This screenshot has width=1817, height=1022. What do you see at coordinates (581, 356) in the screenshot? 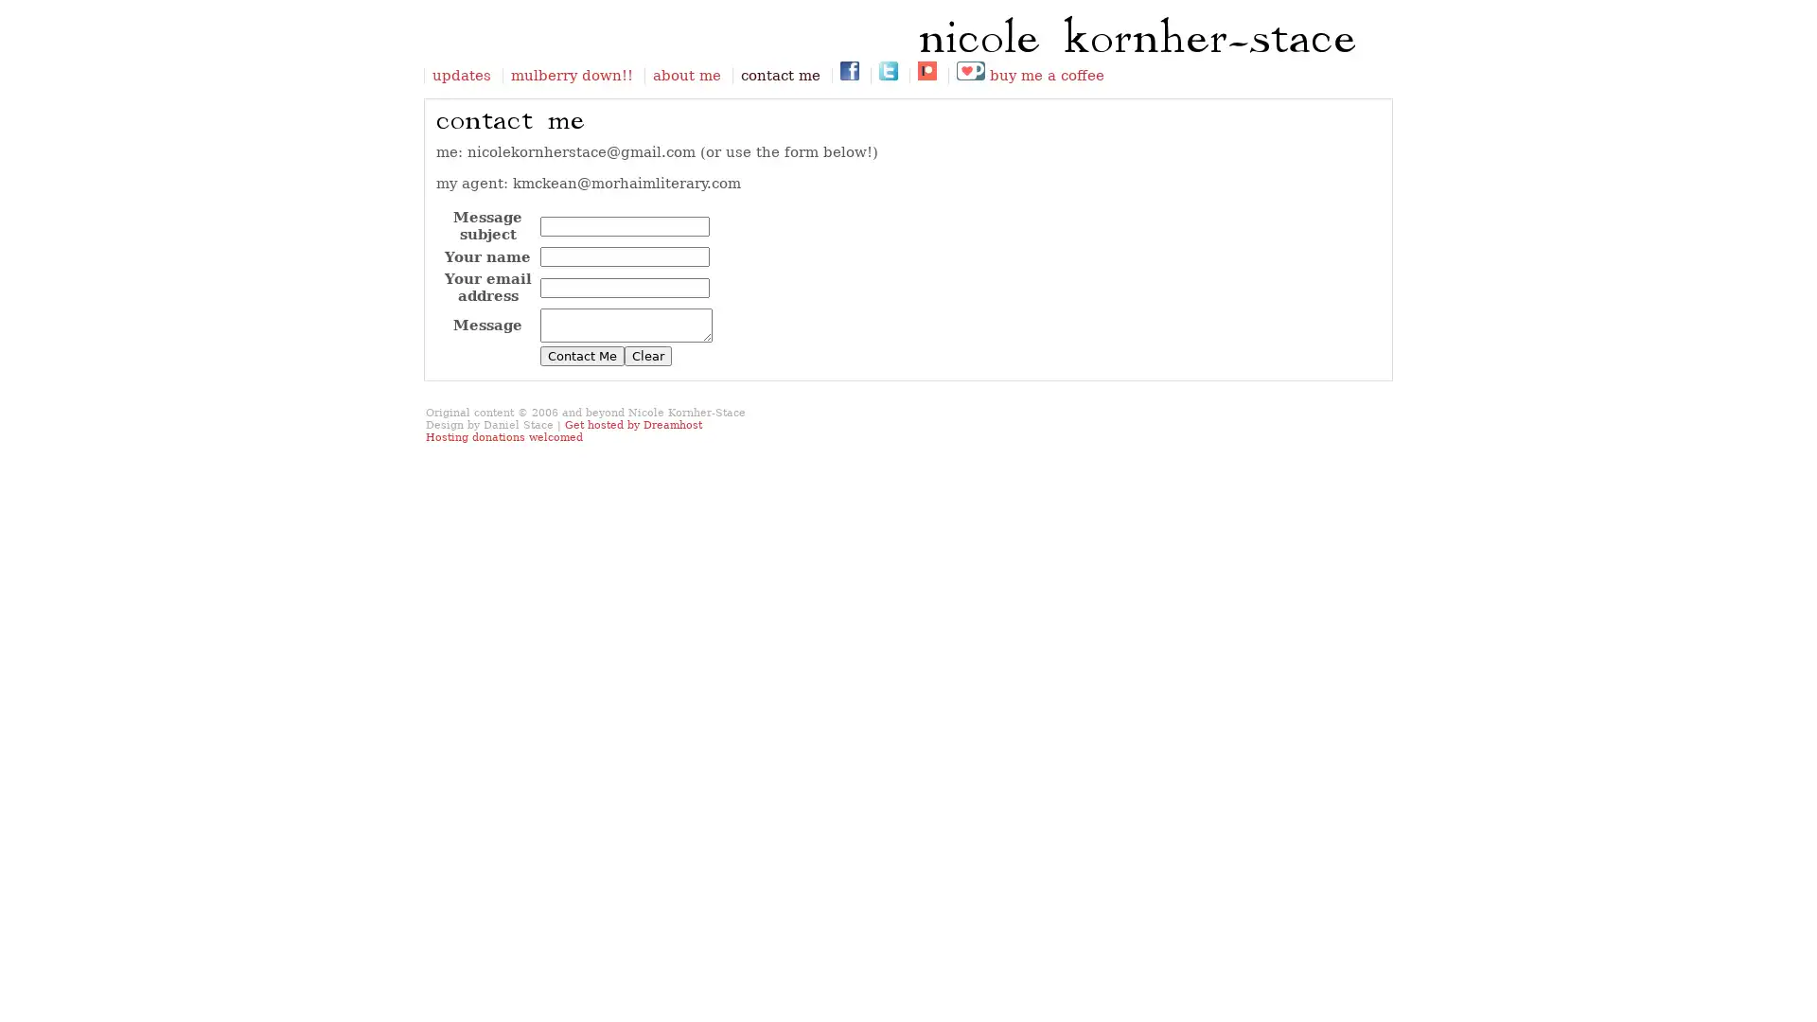
I see `Contact Me` at bounding box center [581, 356].